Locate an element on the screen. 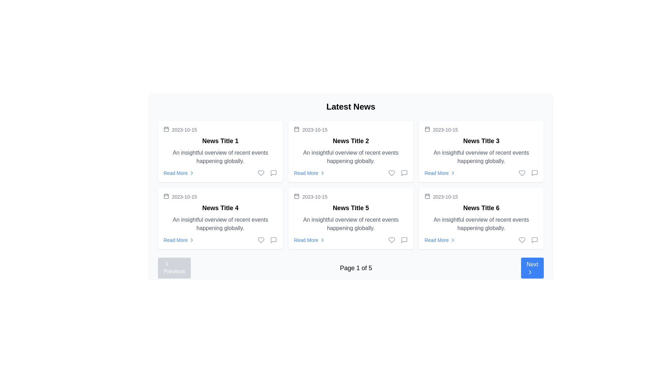 The image size is (671, 377). the rounded rectangle graphic element inside the calendar icon located under the 'News Title 5' section in the grid layout is located at coordinates (297, 196).